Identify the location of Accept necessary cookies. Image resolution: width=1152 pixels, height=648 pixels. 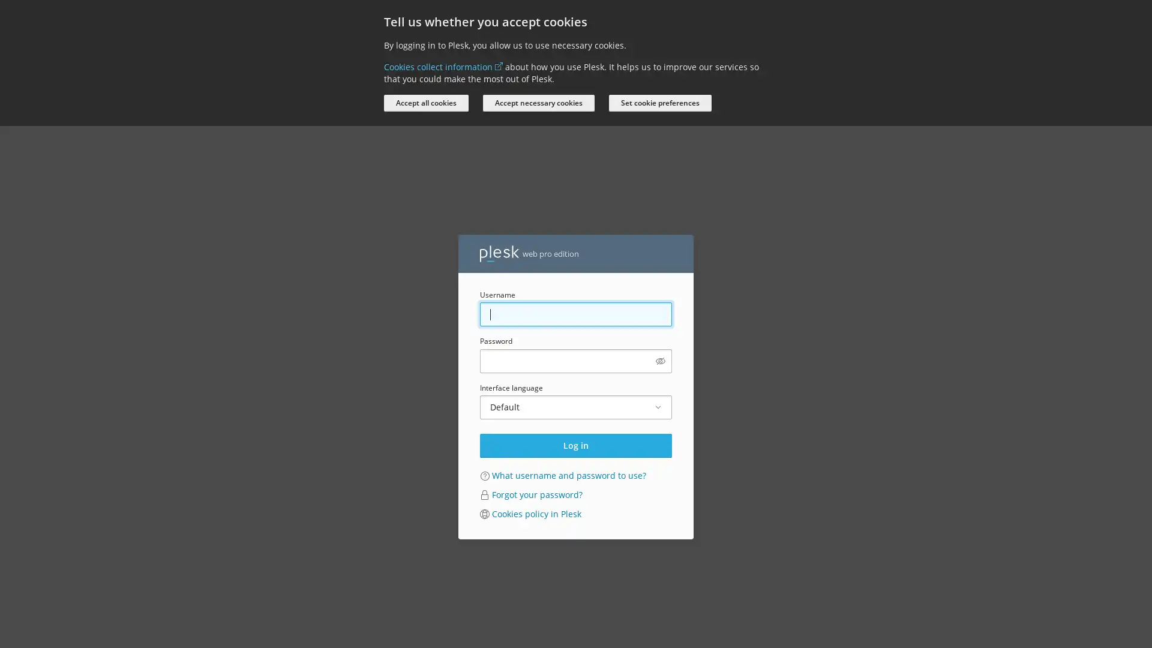
(538, 103).